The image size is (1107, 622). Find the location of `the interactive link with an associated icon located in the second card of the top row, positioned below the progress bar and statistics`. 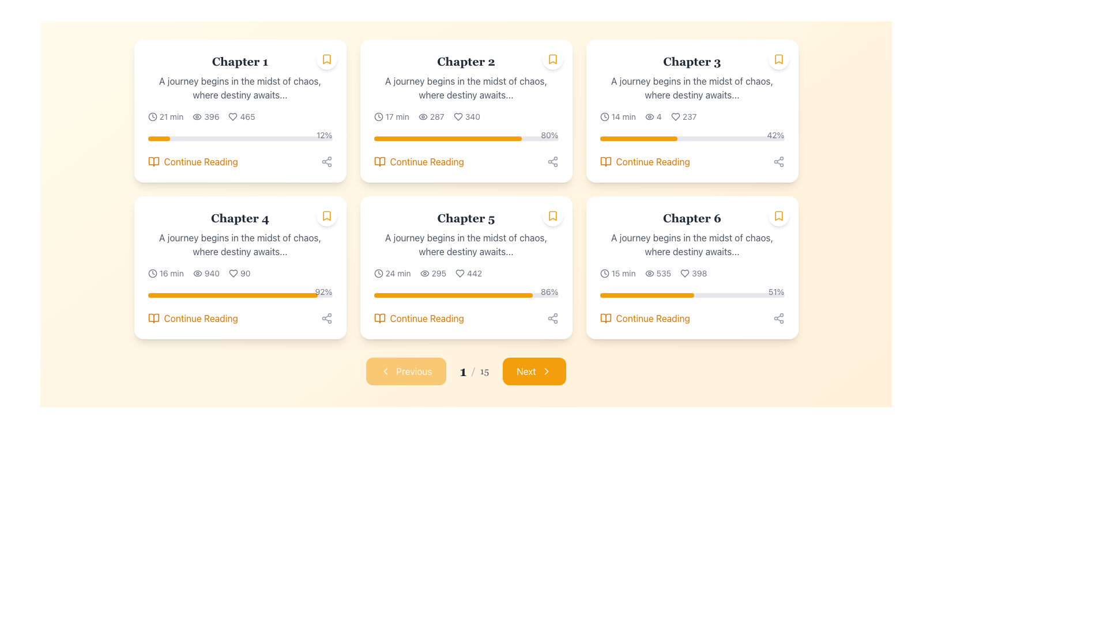

the interactive link with an associated icon located in the second card of the top row, positioned below the progress bar and statistics is located at coordinates (418, 162).